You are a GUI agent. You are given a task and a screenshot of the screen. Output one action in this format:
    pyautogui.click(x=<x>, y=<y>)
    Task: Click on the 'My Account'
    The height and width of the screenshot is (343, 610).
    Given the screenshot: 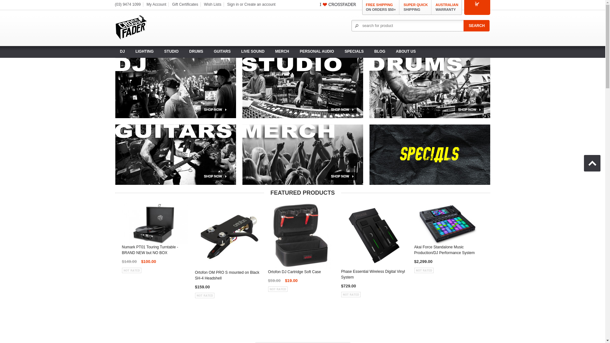 What is the action you would take?
    pyautogui.click(x=156, y=4)
    